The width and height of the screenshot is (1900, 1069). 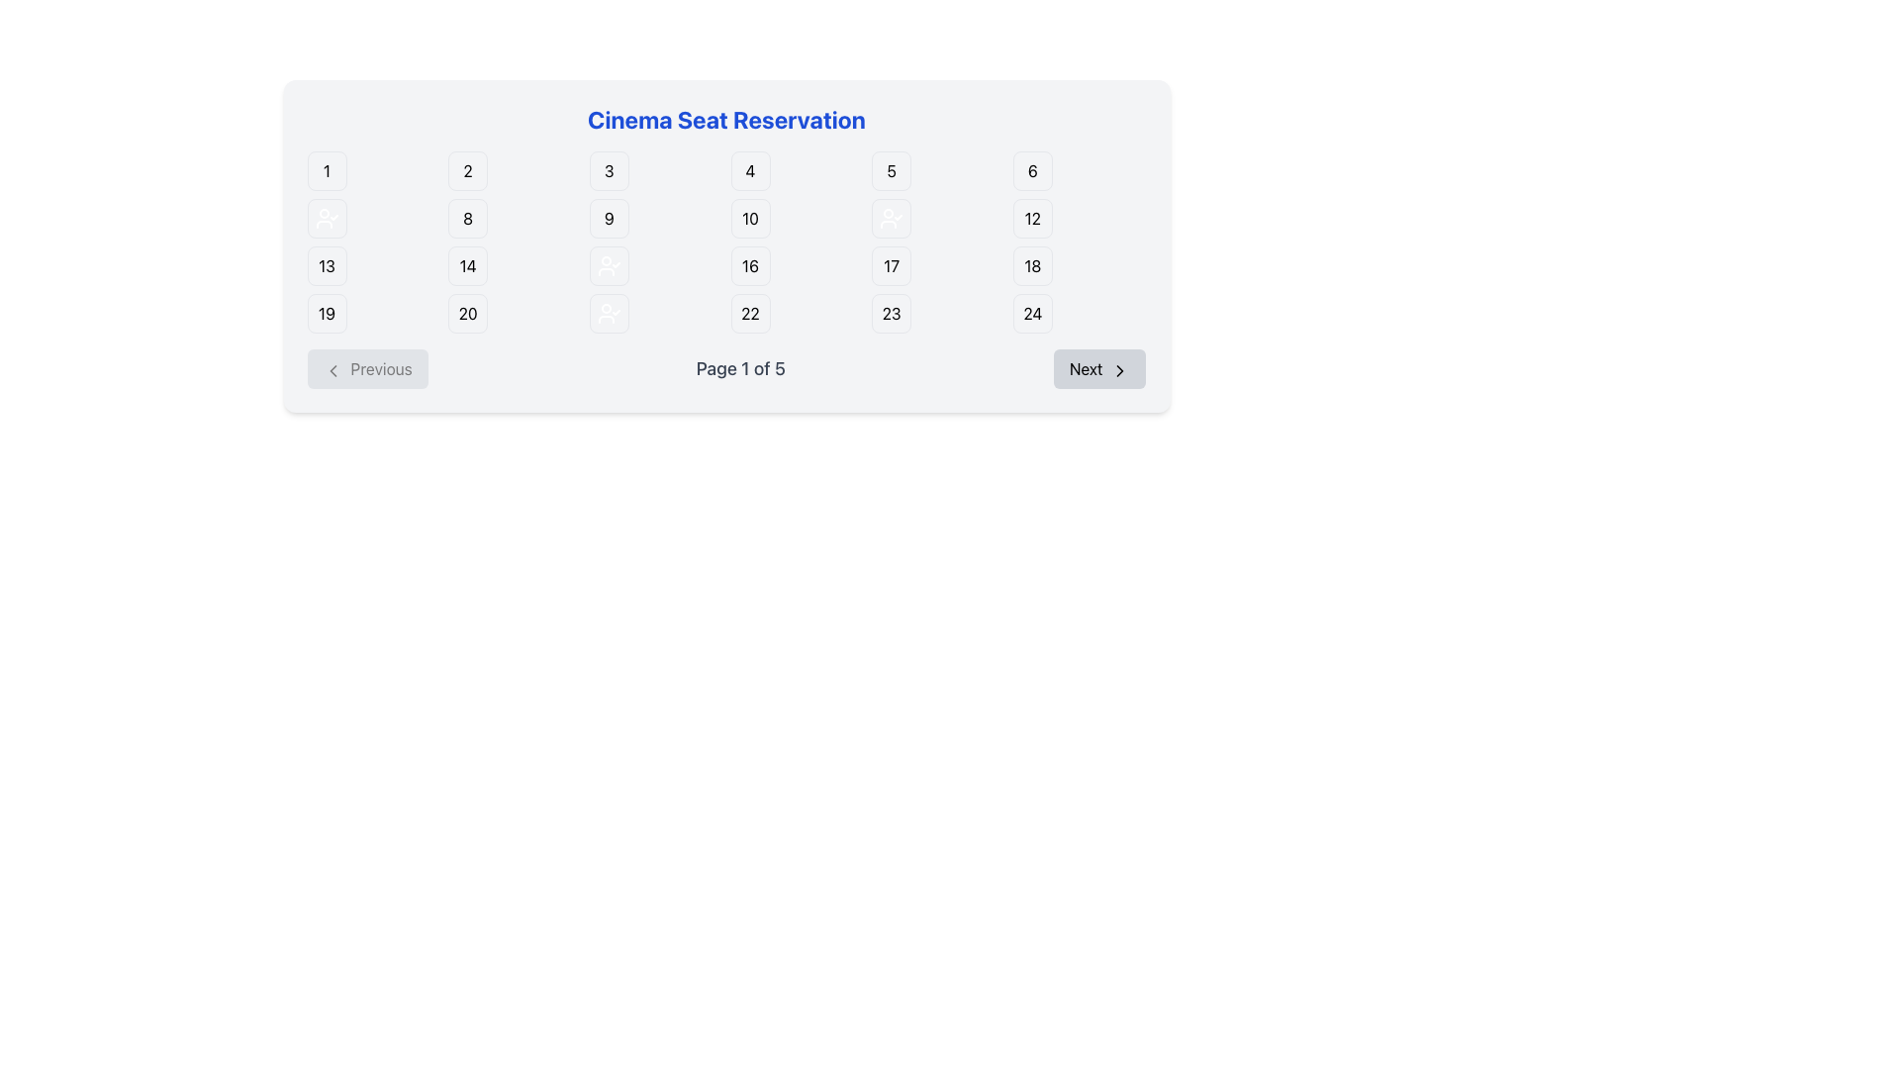 I want to click on the selectable option button located at the top-left corner of the grid layout, so click(x=327, y=170).